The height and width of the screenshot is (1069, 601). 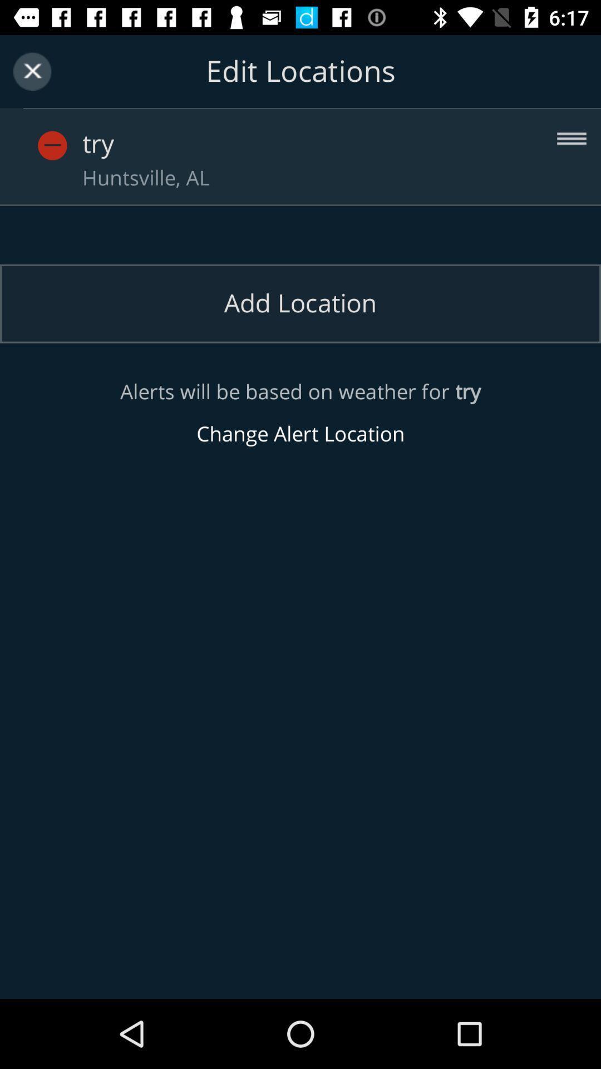 I want to click on delete location, so click(x=73, y=134).